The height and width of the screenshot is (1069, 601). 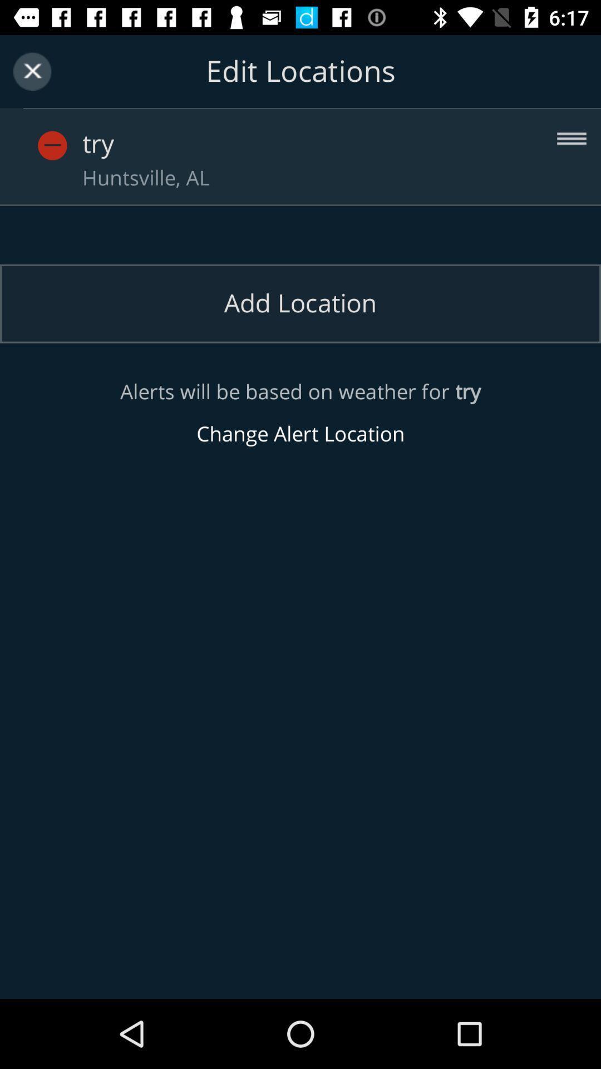 I want to click on delete location, so click(x=73, y=134).